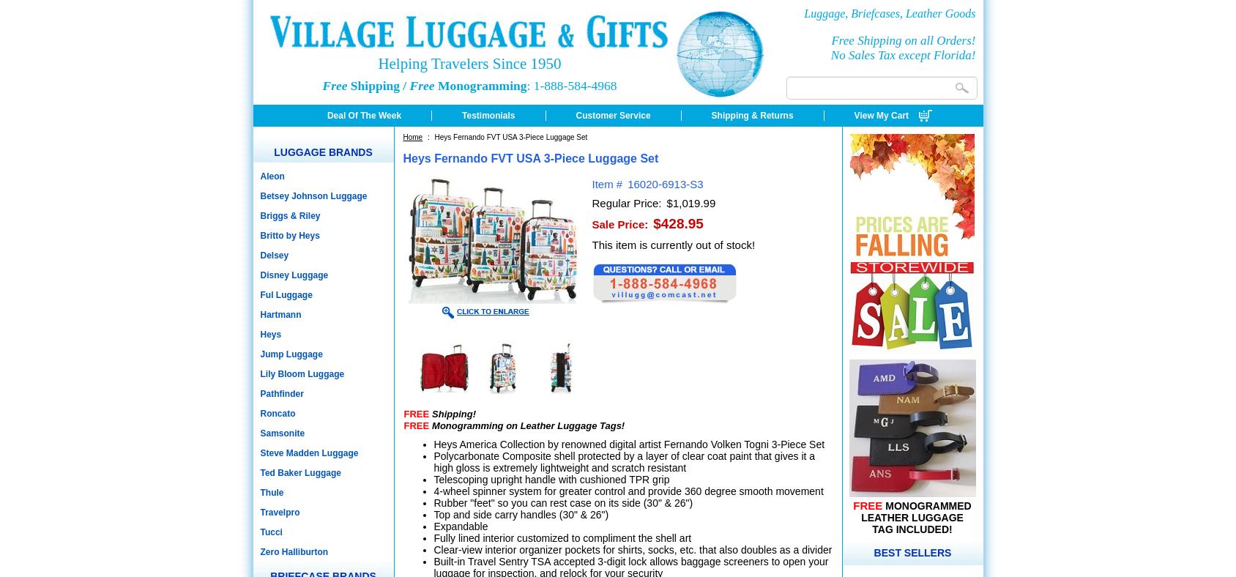 This screenshot has height=577, width=1236. I want to click on '16020-6913-S3', so click(664, 183).